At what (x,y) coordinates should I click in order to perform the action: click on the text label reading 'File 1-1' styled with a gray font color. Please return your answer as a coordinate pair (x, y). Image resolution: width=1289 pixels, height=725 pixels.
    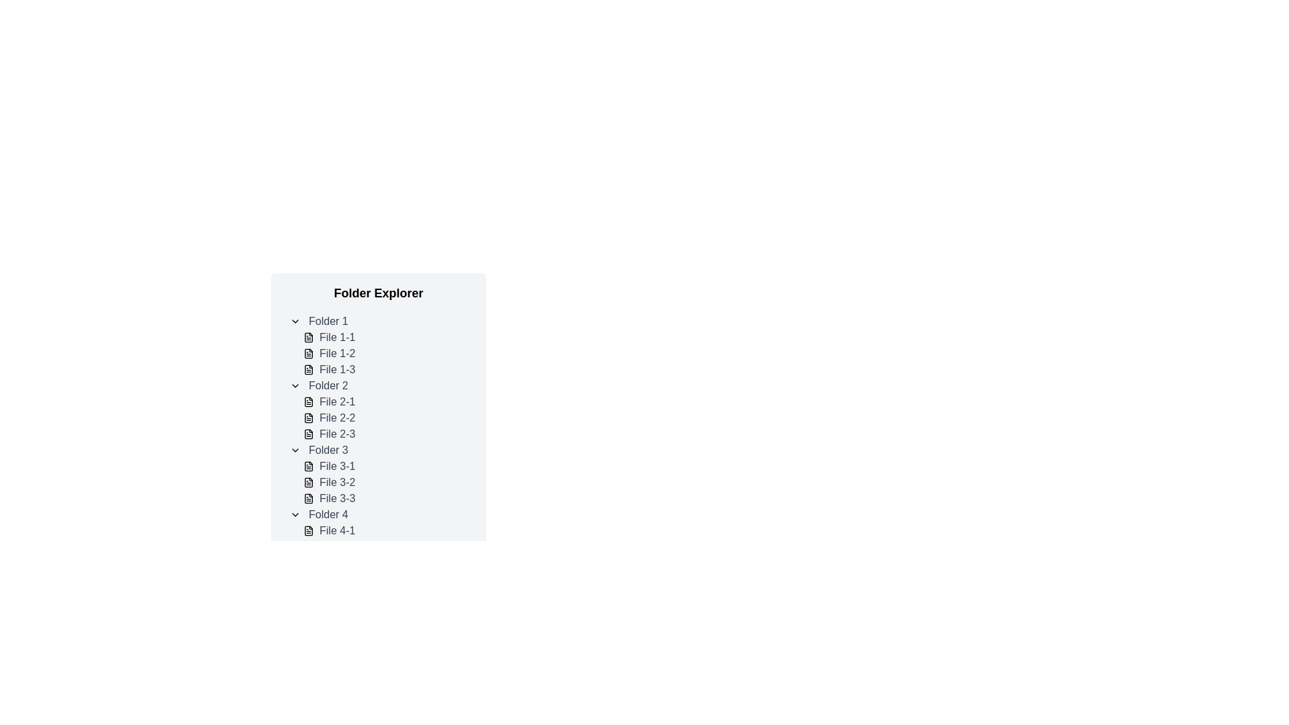
    Looking at the image, I should click on (337, 336).